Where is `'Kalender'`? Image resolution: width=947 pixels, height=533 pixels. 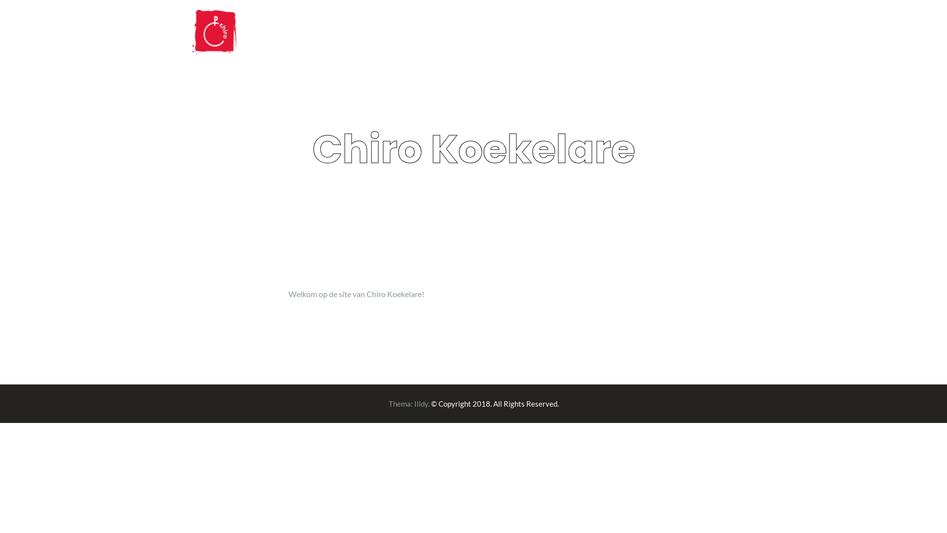 'Kalender' is located at coordinates (582, 33).